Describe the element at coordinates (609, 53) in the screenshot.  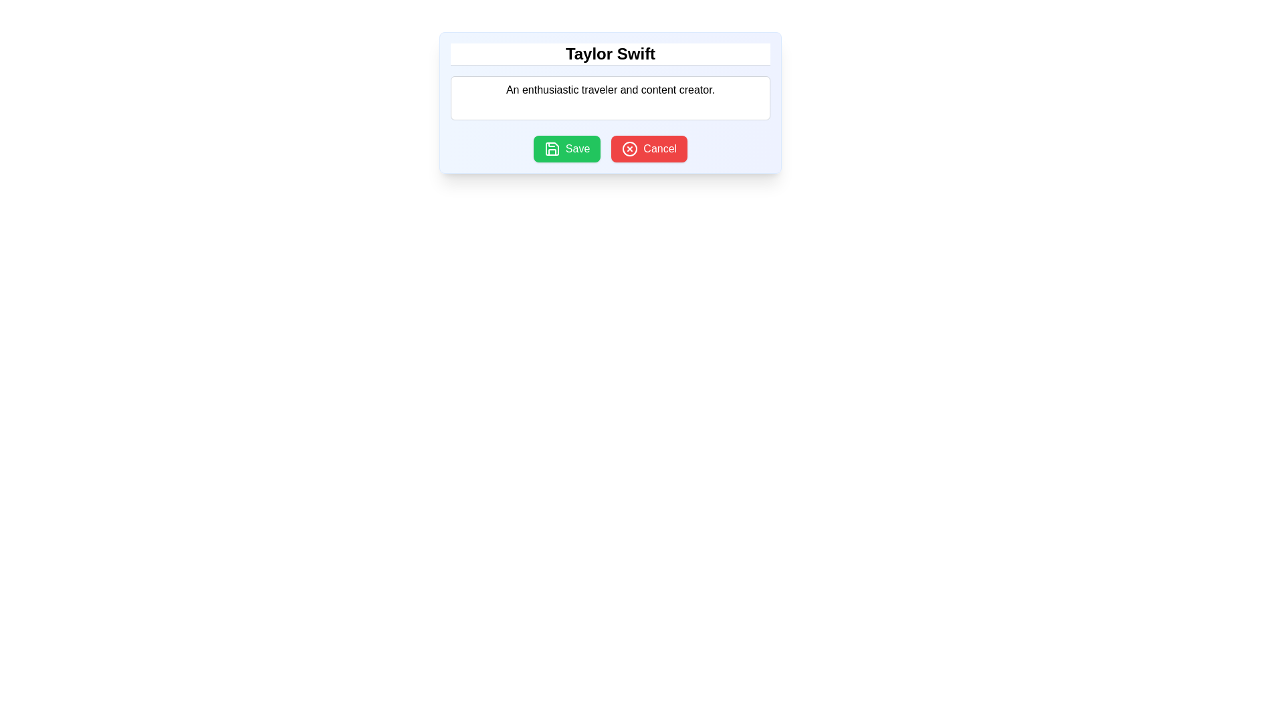
I see `the editable text field displaying 'Taylor Swift' to focus on it` at that location.